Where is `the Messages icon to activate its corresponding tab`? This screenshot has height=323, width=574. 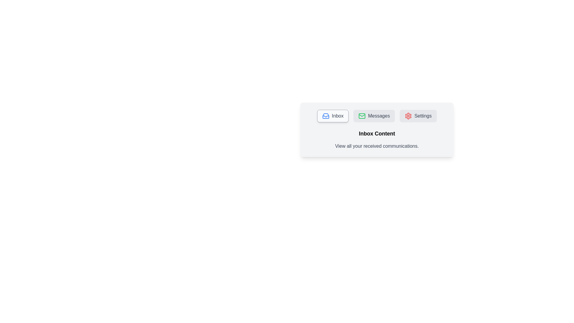
the Messages icon to activate its corresponding tab is located at coordinates (362, 116).